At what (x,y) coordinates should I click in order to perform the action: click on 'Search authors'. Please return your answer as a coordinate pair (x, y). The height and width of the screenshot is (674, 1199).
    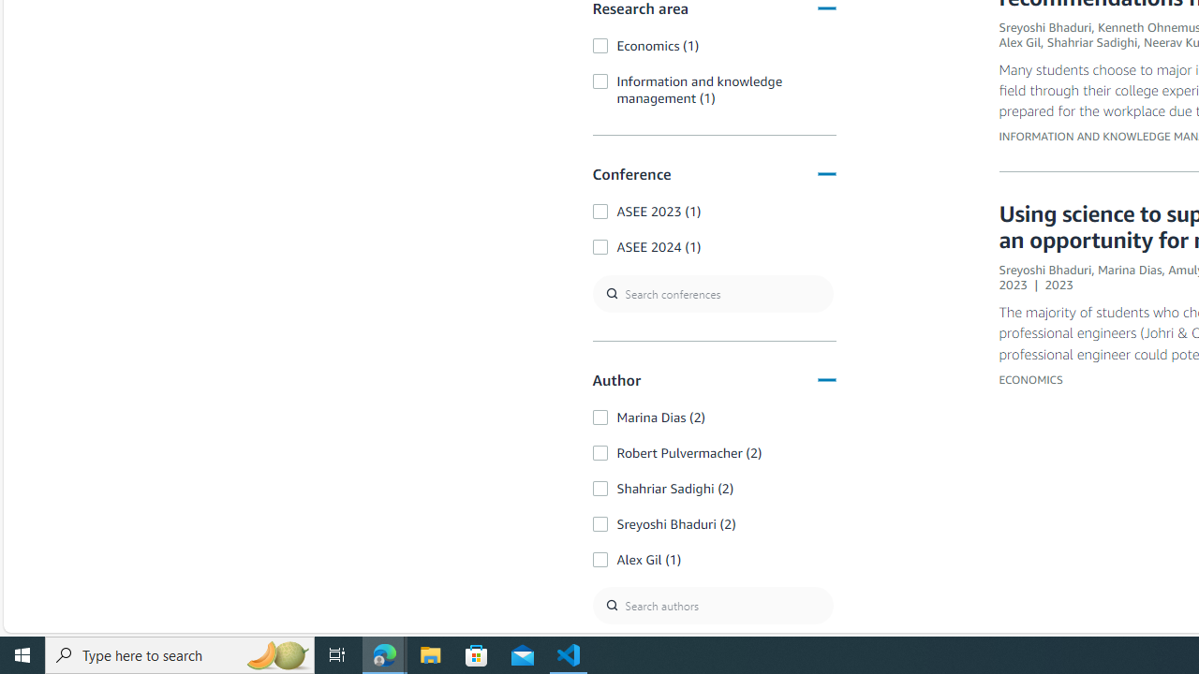
    Looking at the image, I should click on (711, 605).